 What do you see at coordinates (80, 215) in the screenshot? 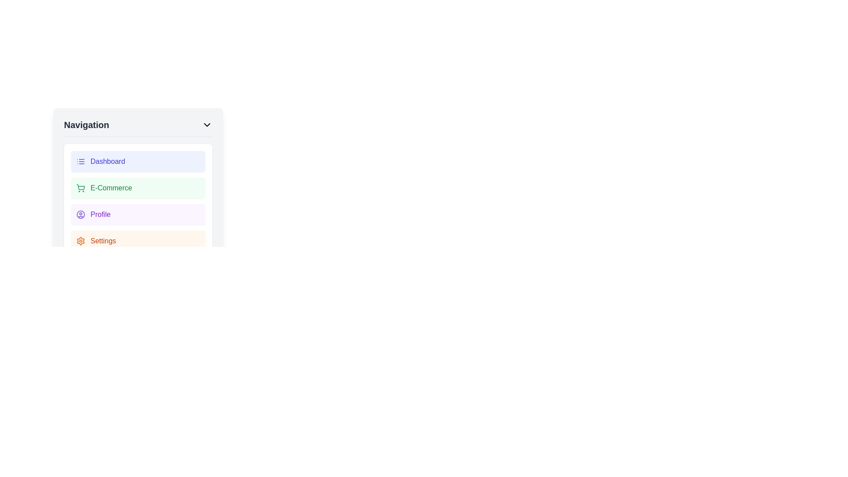
I see `the decorative outline of the user profile icon located in the navigation menu` at bounding box center [80, 215].